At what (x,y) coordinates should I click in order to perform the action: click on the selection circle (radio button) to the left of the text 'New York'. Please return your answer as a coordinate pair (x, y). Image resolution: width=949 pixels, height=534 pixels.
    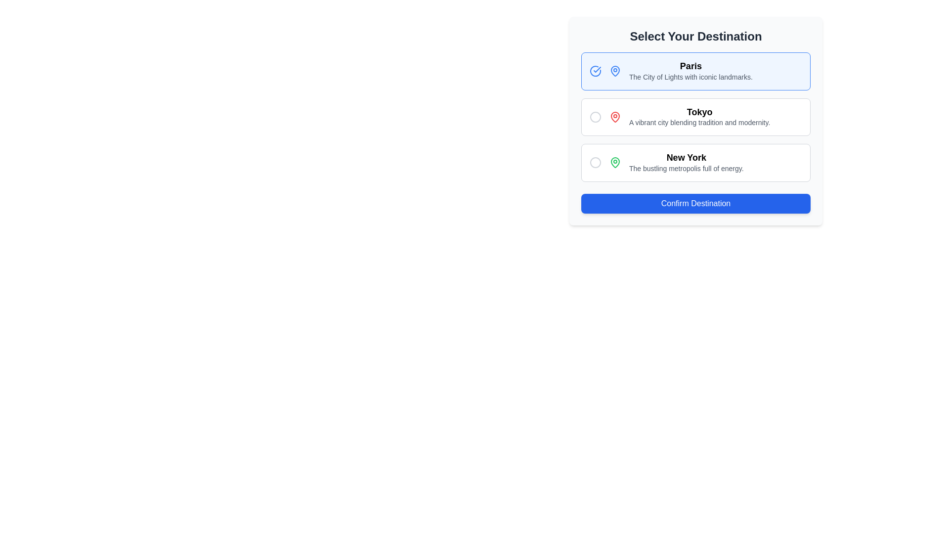
    Looking at the image, I should click on (595, 162).